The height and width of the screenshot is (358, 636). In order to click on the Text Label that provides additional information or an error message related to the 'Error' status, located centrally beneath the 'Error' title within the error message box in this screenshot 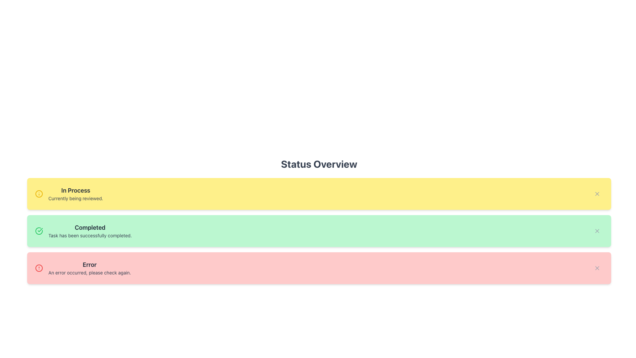, I will do `click(89, 272)`.